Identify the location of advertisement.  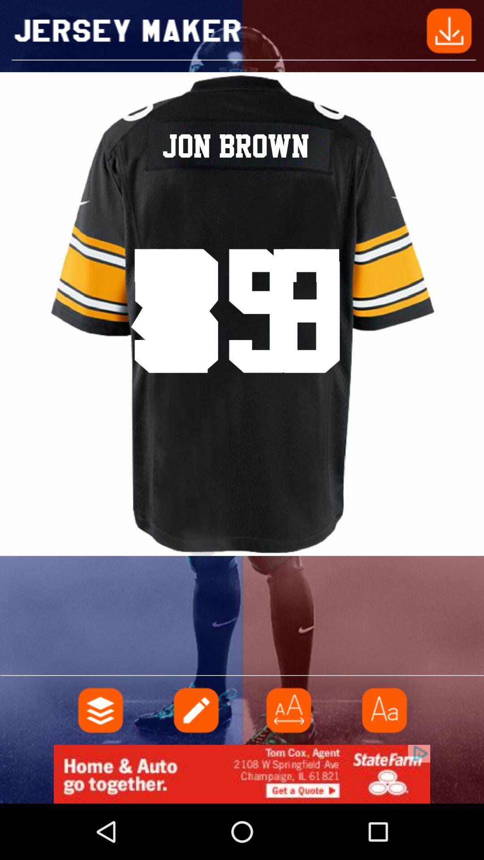
(289, 709).